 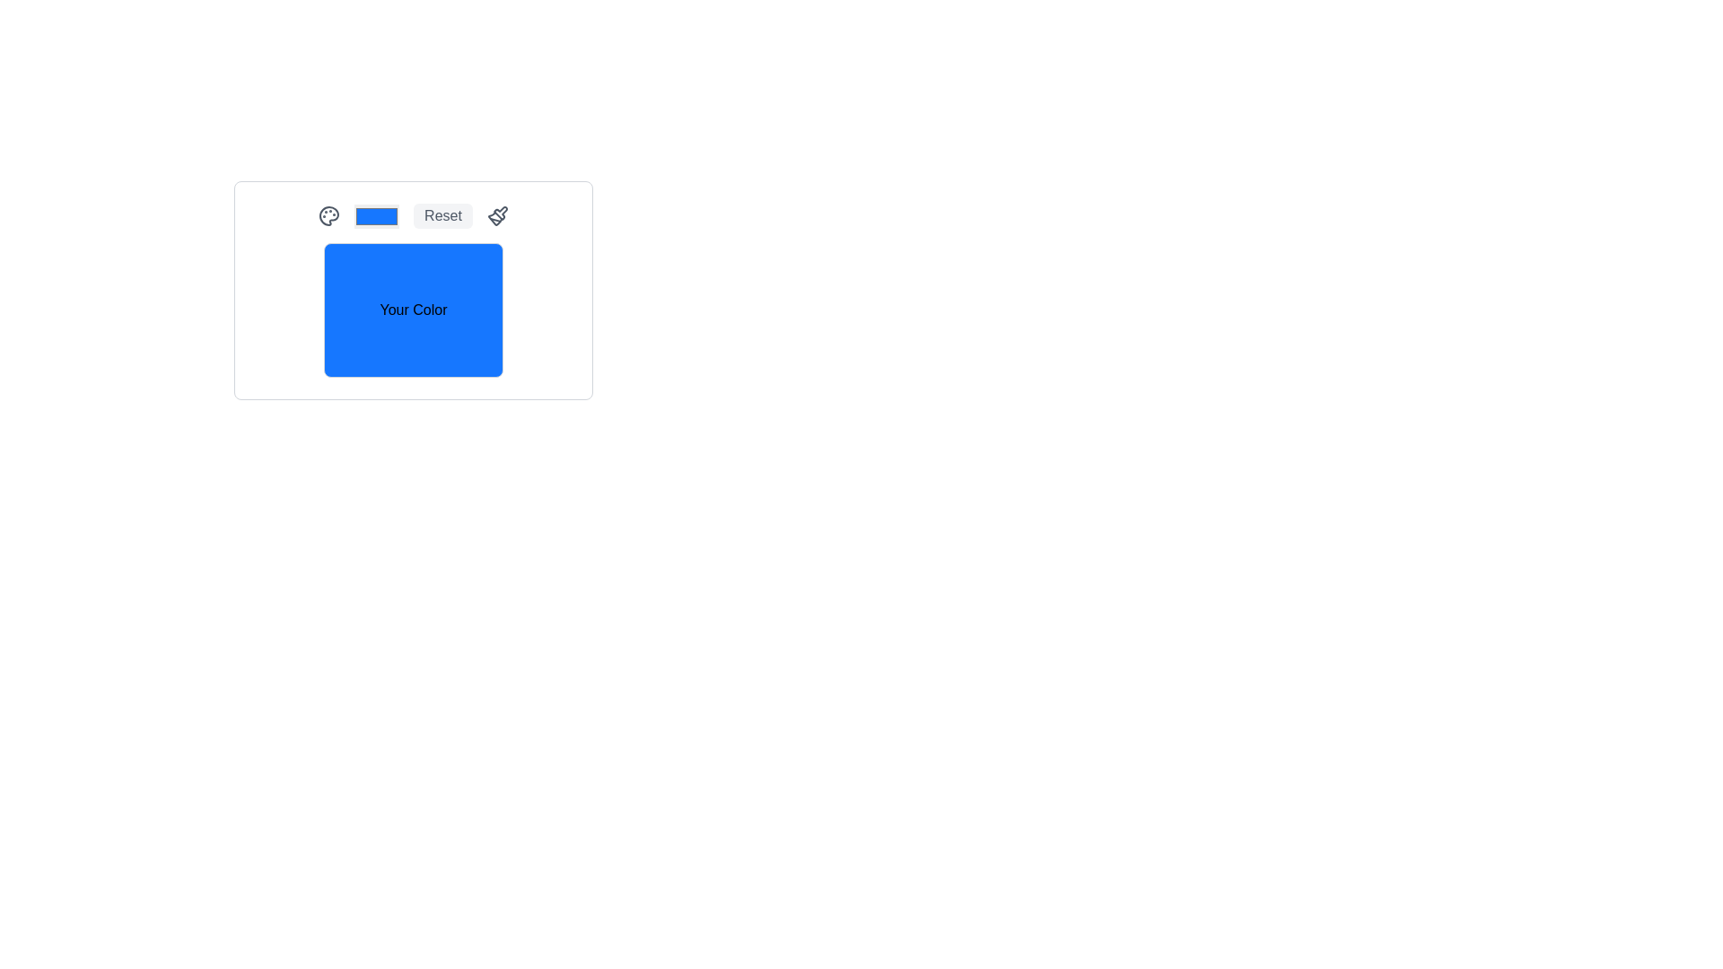 I want to click on the Display Box, which has a bright blue background and contains centered text saying 'Your Color' in black font, located below the controls row, so click(x=412, y=310).